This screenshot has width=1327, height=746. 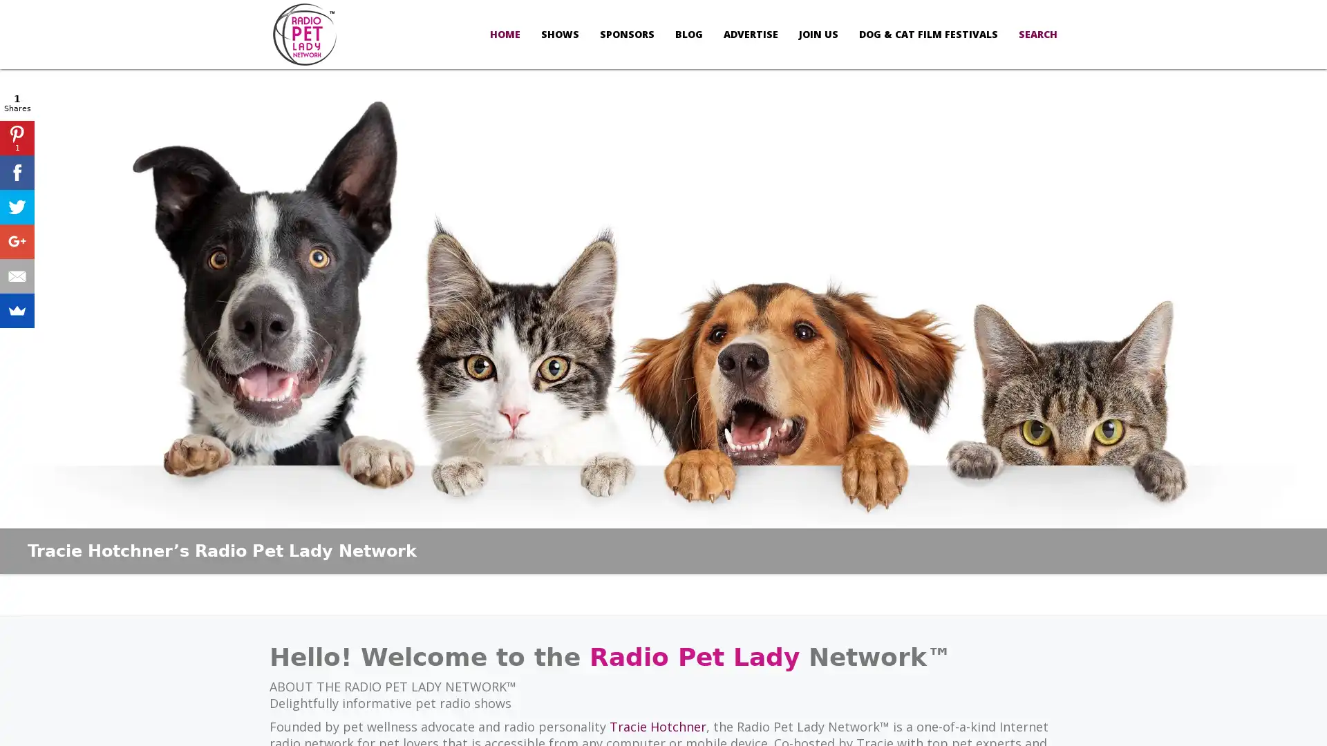 I want to click on Sign Up, so click(x=643, y=453).